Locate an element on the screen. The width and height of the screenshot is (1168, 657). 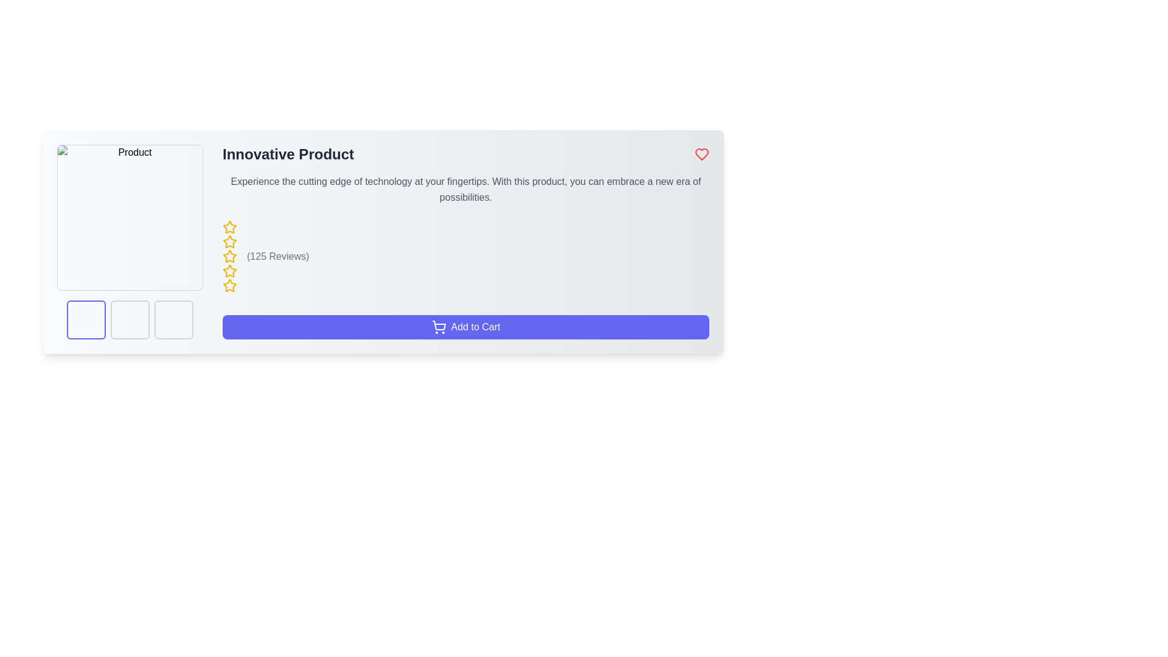
the second star icon in the product rating system, which is located below the first star and above the third star, near the 'Innovative Product' text description is located at coordinates (230, 242).